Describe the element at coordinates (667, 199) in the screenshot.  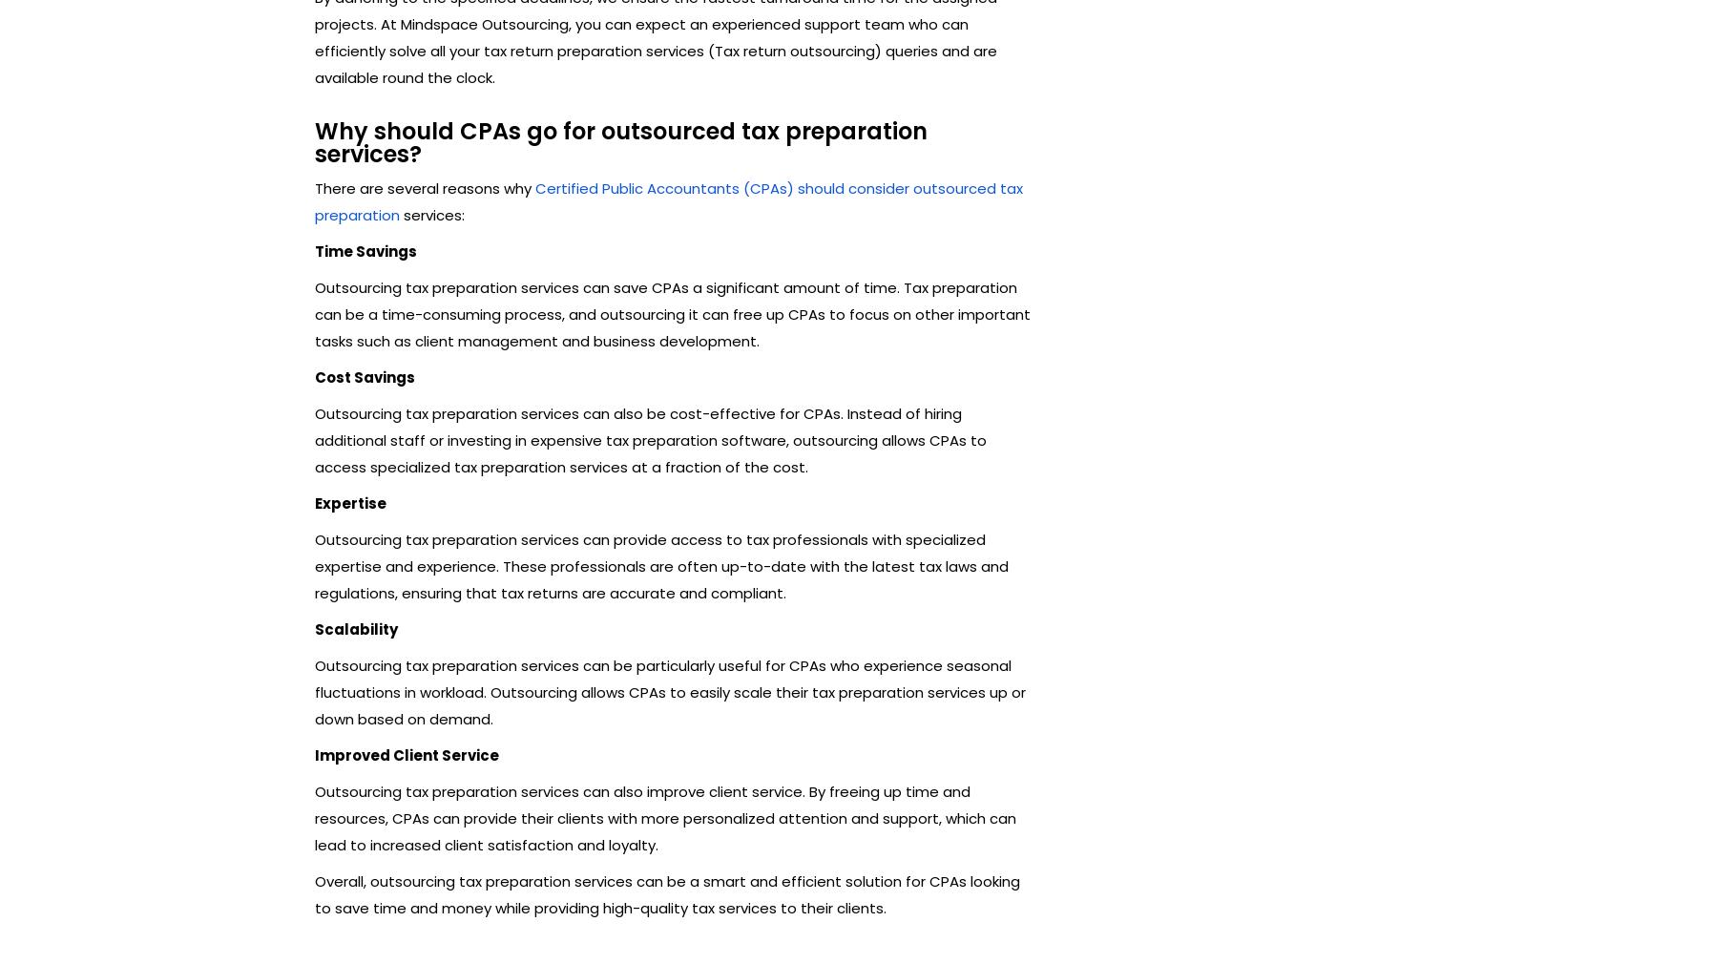
I see `'Certified Public Accountants (CPAs) should consider outsourced tax preparation'` at that location.